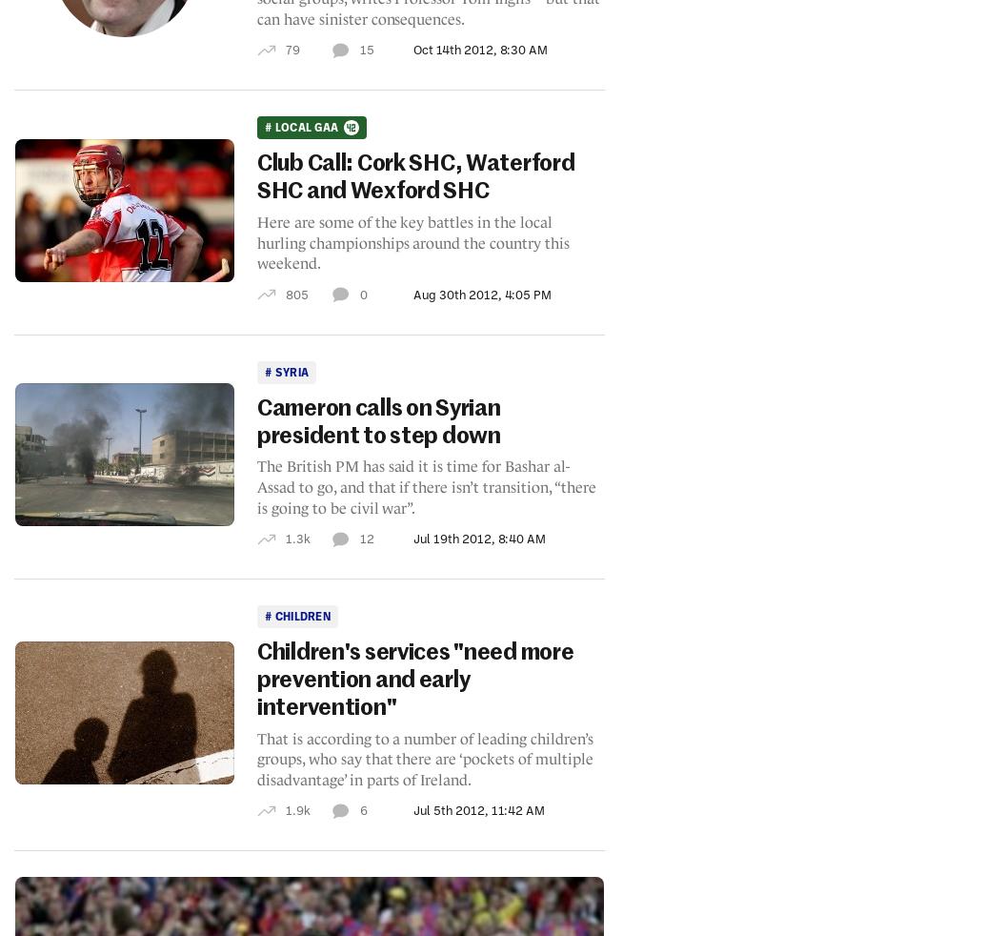  I want to click on '1.9k', so click(296, 810).